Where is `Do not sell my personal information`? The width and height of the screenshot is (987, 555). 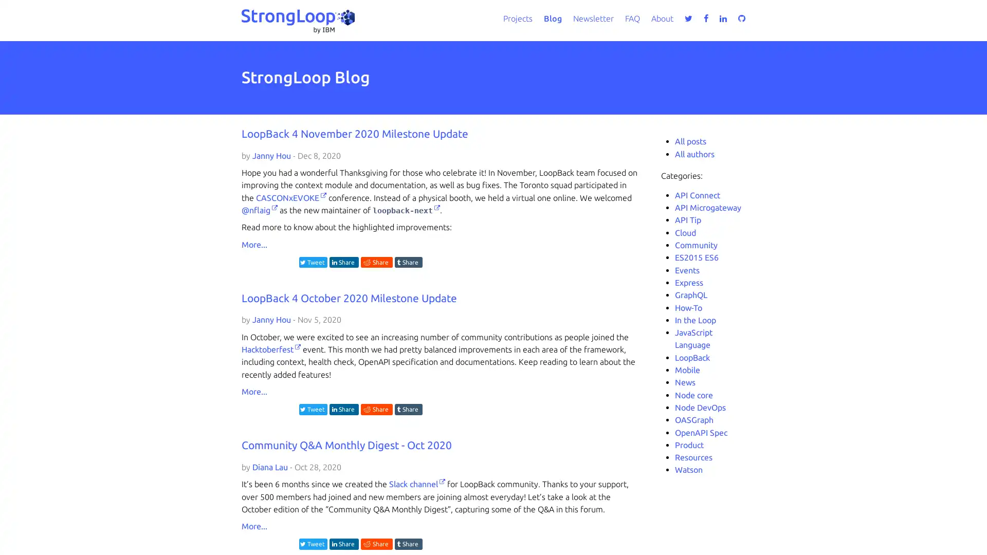
Do not sell my personal information is located at coordinates (904, 521).